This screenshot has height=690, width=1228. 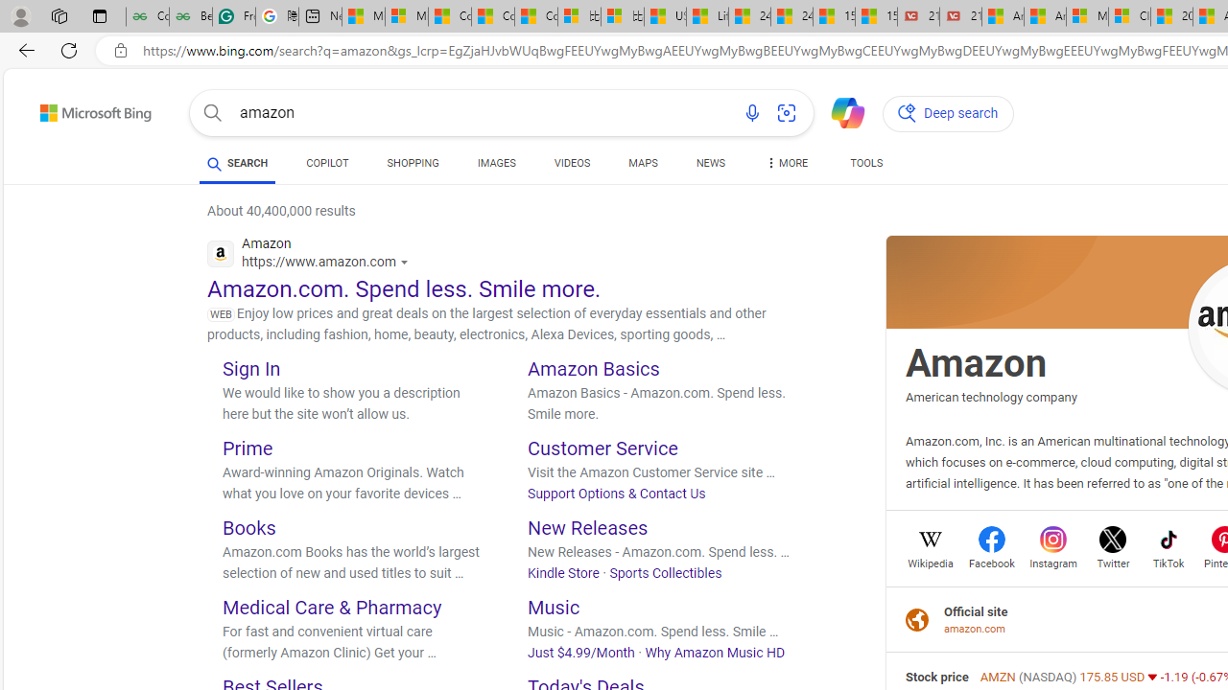 I want to click on 'Facebook', so click(x=992, y=561).